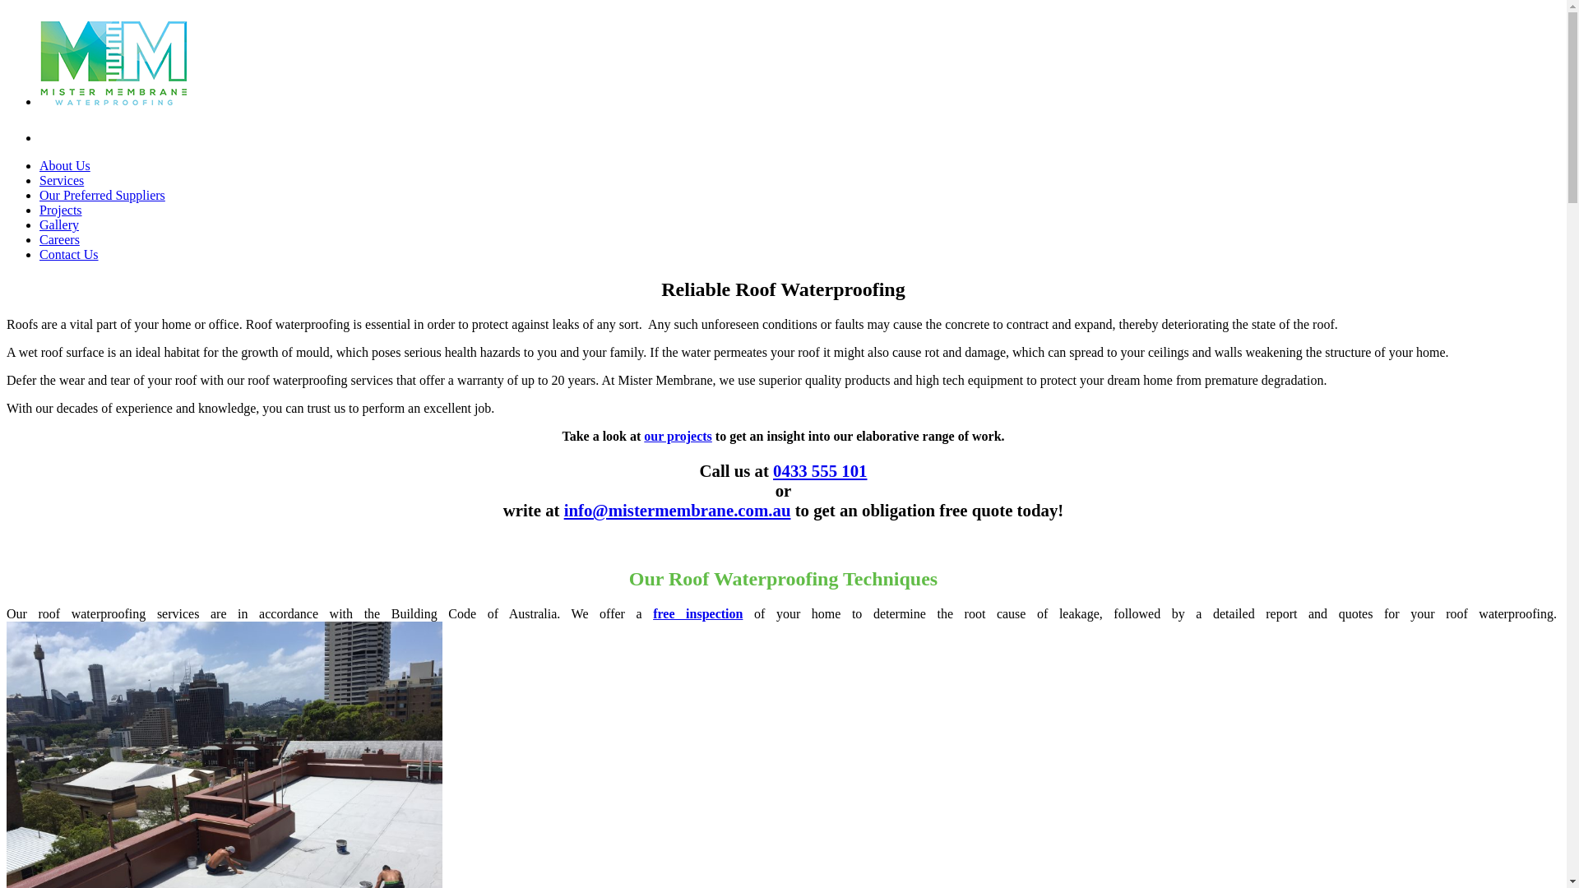 This screenshot has height=888, width=1579. I want to click on 'Projects', so click(60, 209).